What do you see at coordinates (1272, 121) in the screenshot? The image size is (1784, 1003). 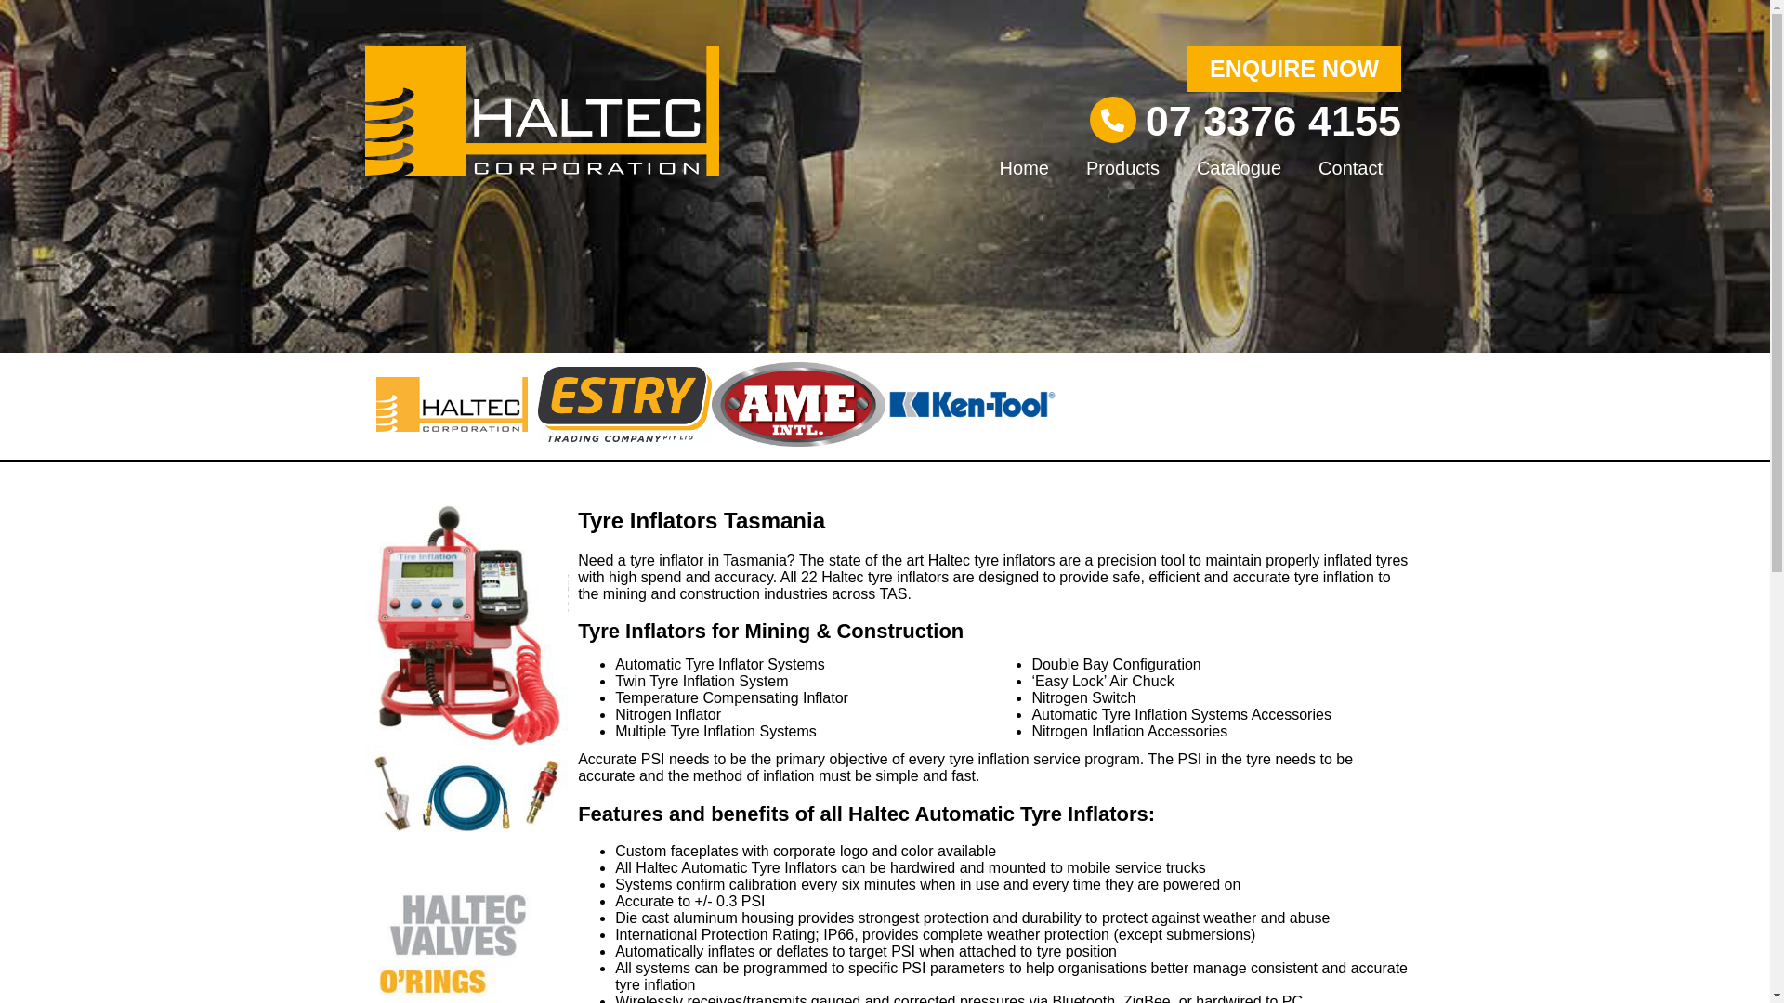 I see `'07 3376 4155'` at bounding box center [1272, 121].